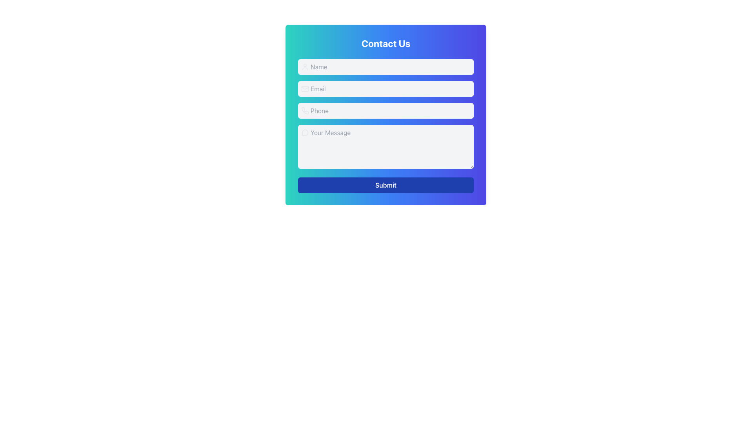  Describe the element at coordinates (386, 185) in the screenshot. I see `the 'Submit' button which has rounded corners, a deep blue color, and white bold text` at that location.